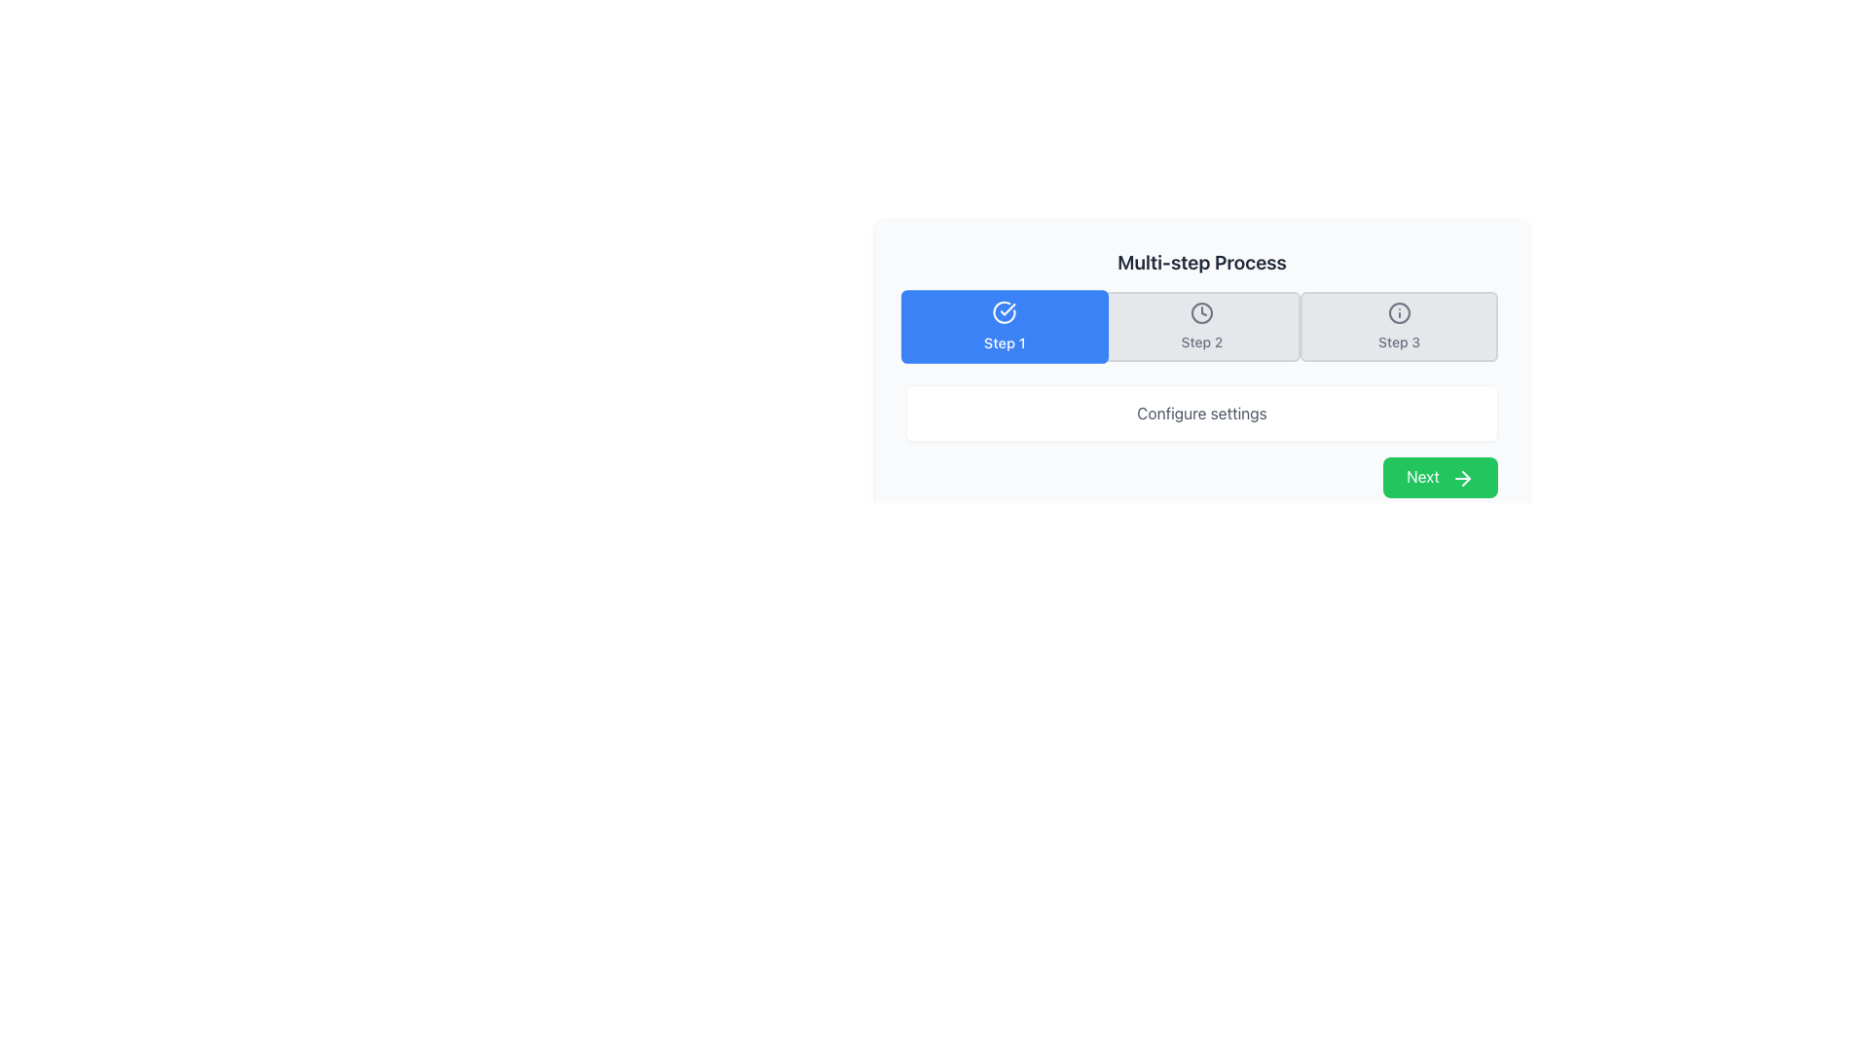 Image resolution: width=1869 pixels, height=1051 pixels. What do you see at coordinates (1398, 325) in the screenshot?
I see `the Step 3 button, which is the third item in a horizontal list of buttons` at bounding box center [1398, 325].